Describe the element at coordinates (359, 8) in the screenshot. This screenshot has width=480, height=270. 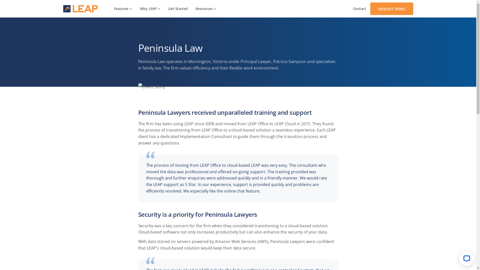
I see `'Contact'` at that location.